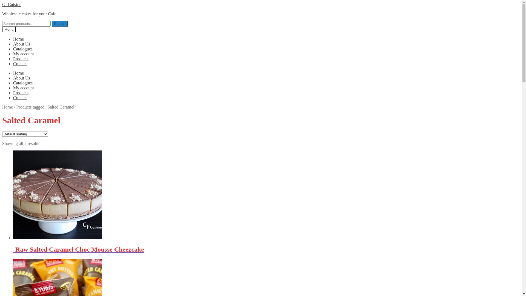 This screenshot has width=526, height=296. What do you see at coordinates (21, 78) in the screenshot?
I see `'About Us'` at bounding box center [21, 78].